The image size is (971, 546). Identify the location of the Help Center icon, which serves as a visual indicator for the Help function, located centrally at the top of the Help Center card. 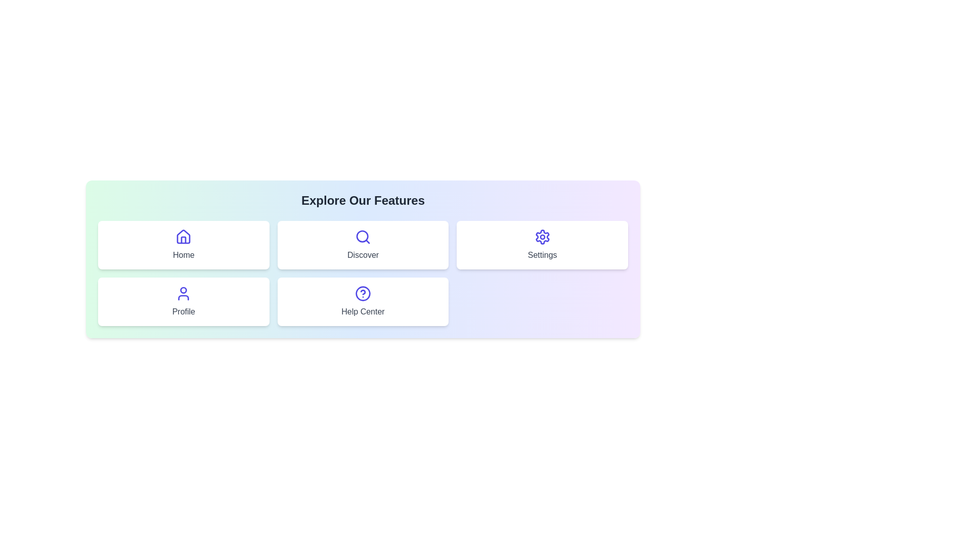
(363, 294).